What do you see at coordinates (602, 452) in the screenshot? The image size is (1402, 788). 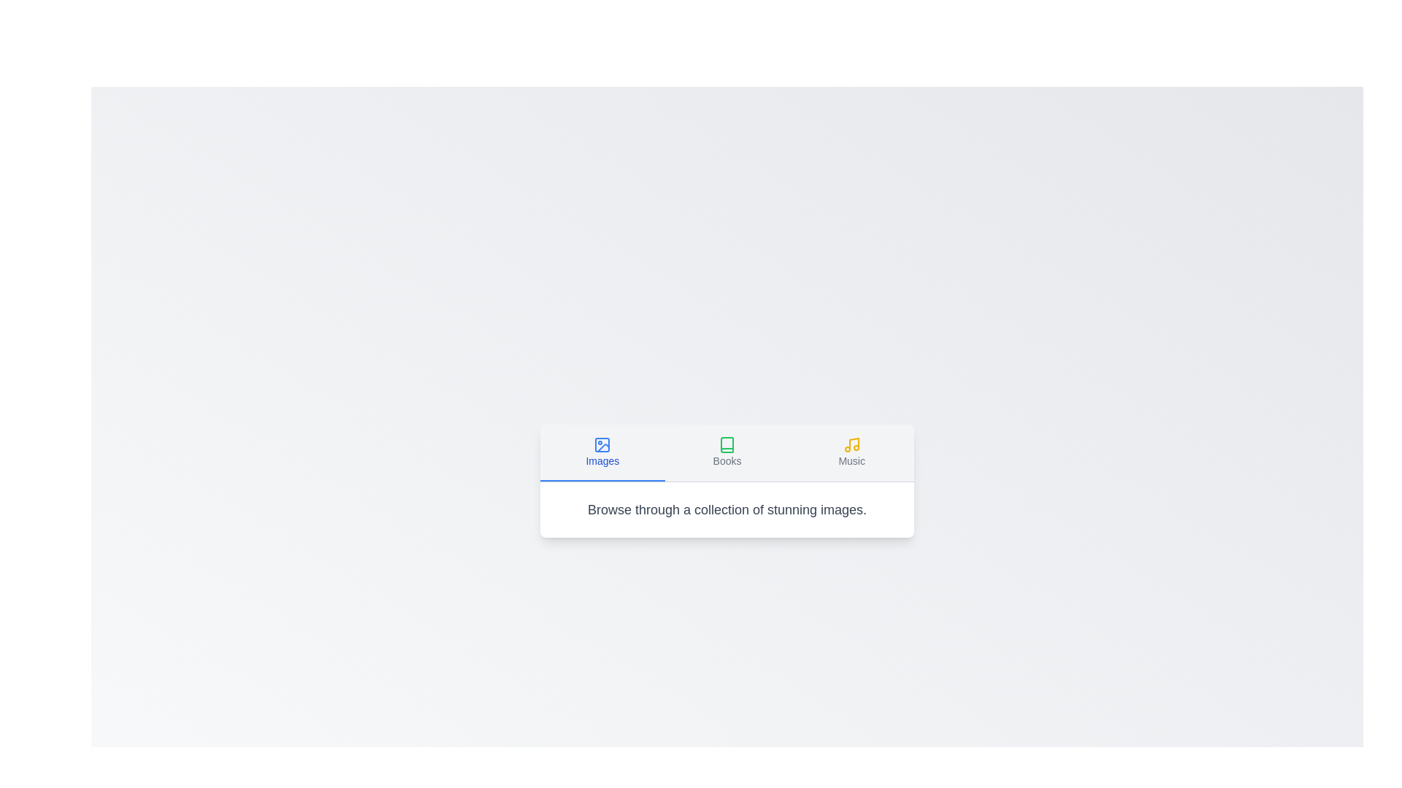 I see `the Images tab` at bounding box center [602, 452].